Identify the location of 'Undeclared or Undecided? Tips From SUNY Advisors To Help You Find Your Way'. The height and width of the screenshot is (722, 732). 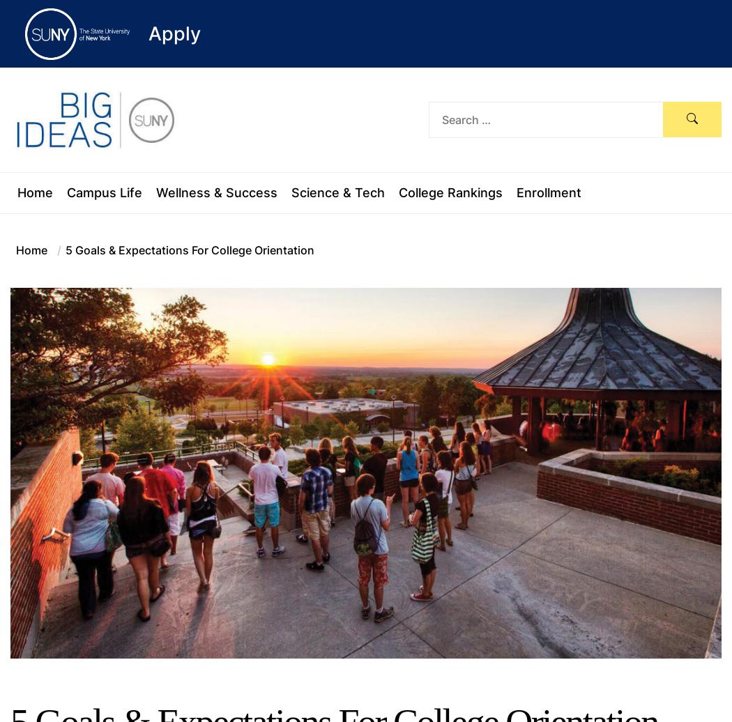
(503, 77).